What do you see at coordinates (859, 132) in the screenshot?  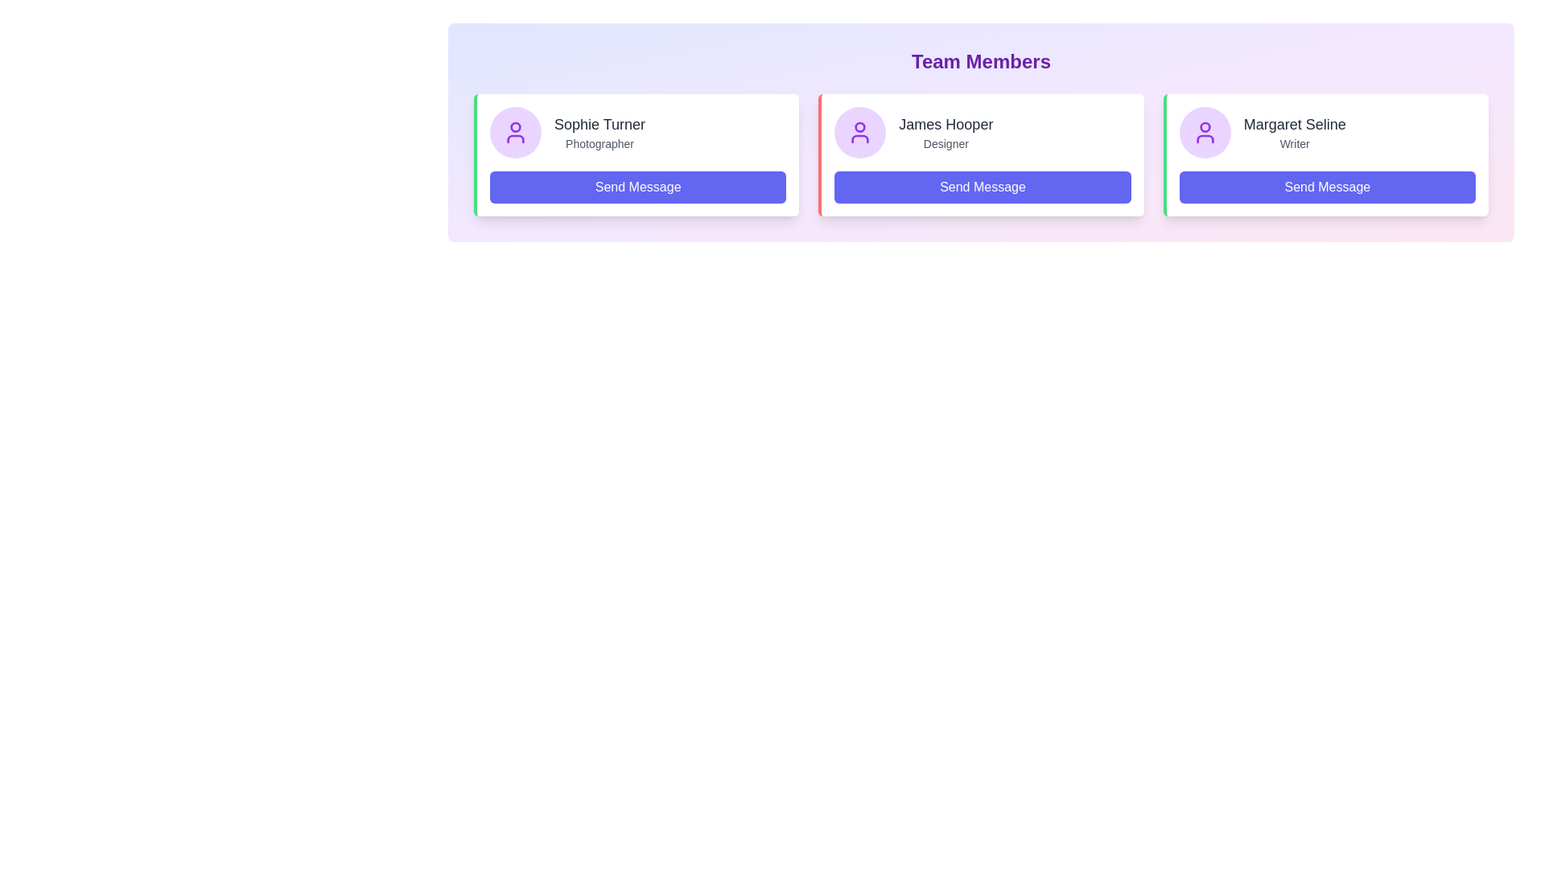 I see `the circular profile picture placeholder icon of 'James Hooper' in the 'Team Members' section` at bounding box center [859, 132].